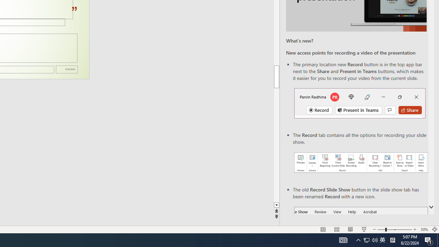 The image size is (439, 247). Describe the element at coordinates (360, 163) in the screenshot. I see `'Record your presentations screenshot one'` at that location.